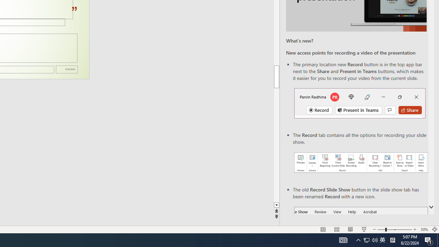 The image size is (439, 247). Describe the element at coordinates (360, 163) in the screenshot. I see `'Record your presentations screenshot one'` at that location.